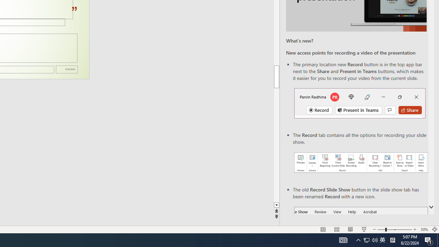 The image size is (439, 247). Describe the element at coordinates (360, 163) in the screenshot. I see `'Record your presentations screenshot one'` at that location.